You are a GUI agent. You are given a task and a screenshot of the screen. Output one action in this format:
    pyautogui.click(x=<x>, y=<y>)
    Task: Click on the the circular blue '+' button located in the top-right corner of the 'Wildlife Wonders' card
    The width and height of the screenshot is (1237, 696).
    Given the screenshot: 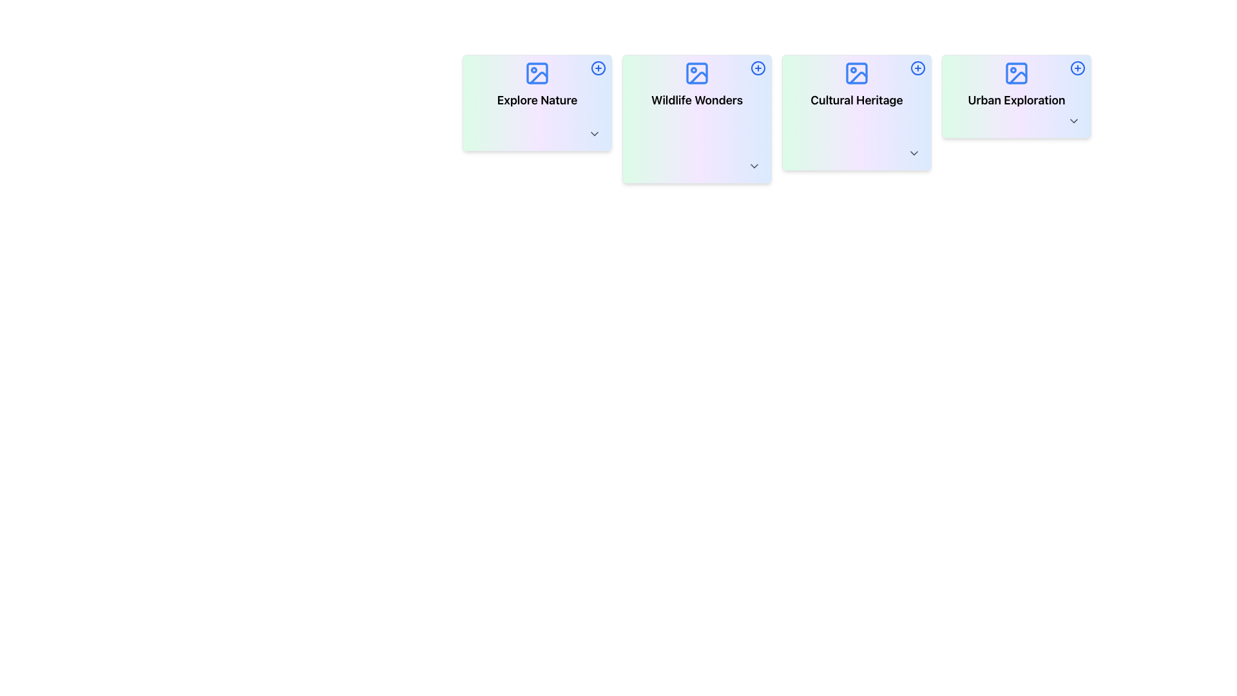 What is the action you would take?
    pyautogui.click(x=758, y=68)
    